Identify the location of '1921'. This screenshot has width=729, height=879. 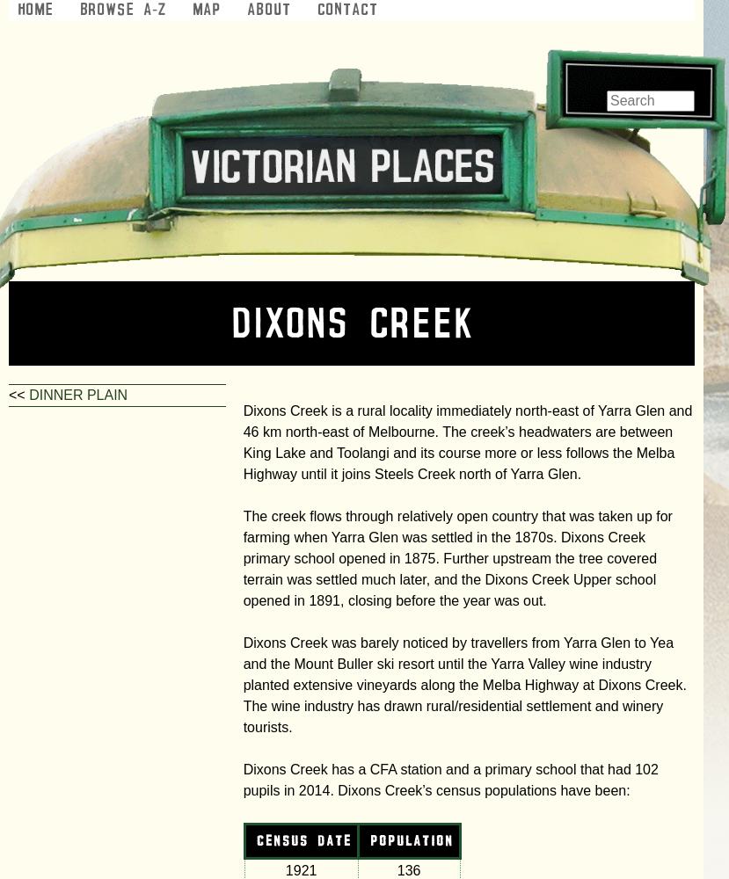
(299, 869).